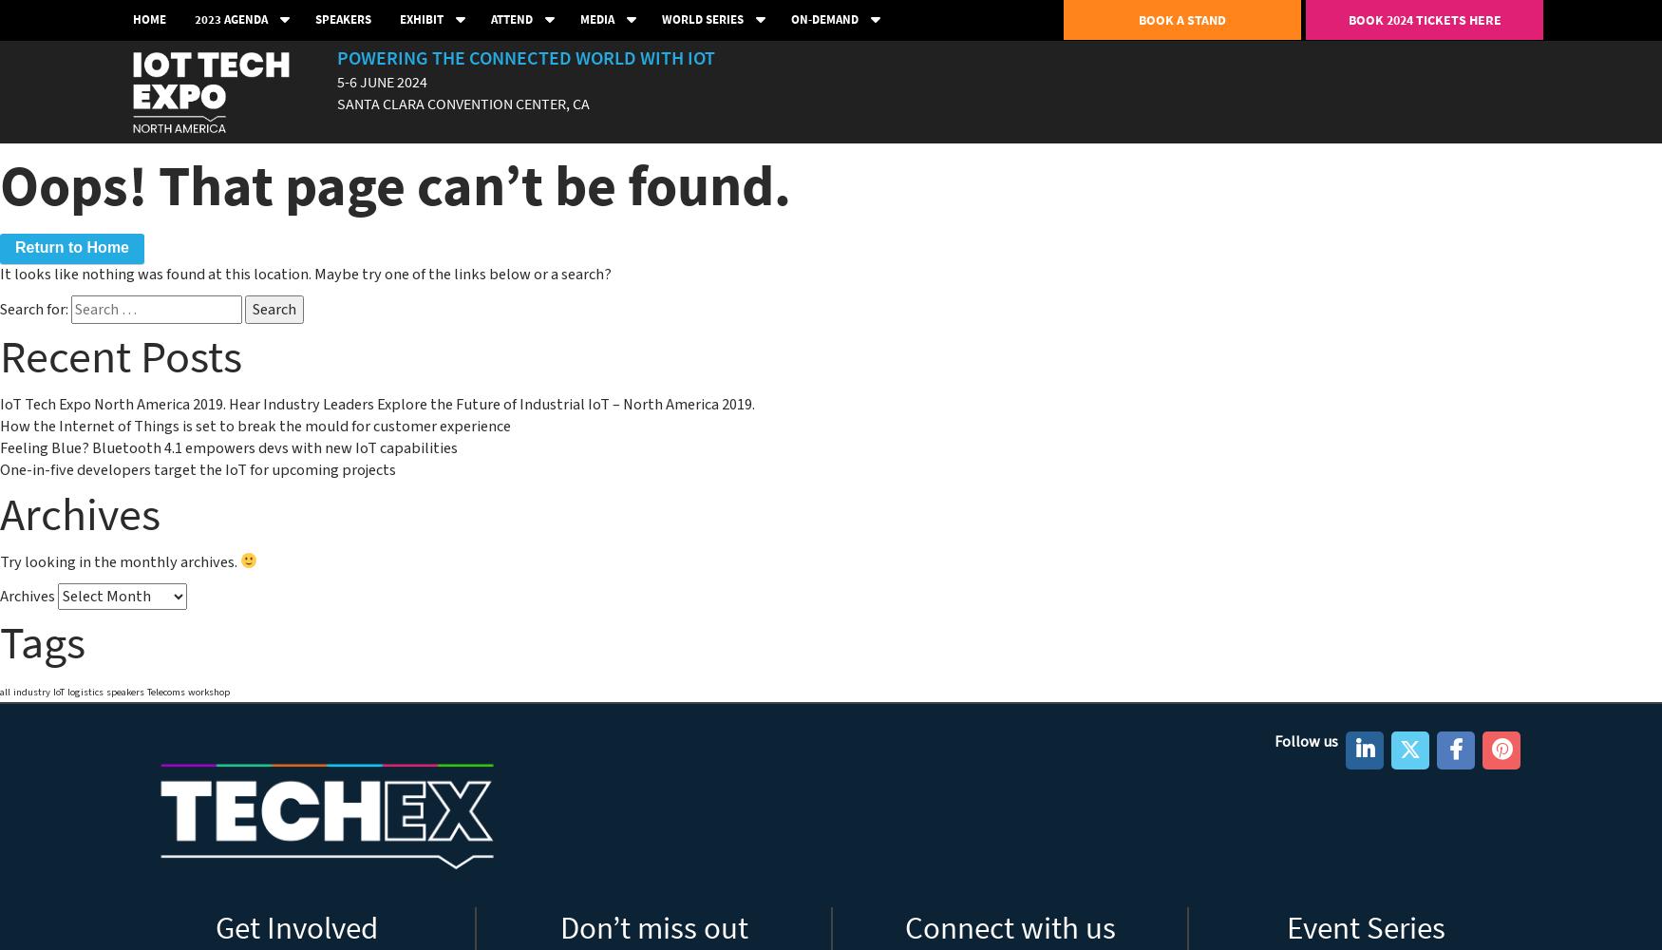  Describe the element at coordinates (85, 690) in the screenshot. I see `'logistics'` at that location.